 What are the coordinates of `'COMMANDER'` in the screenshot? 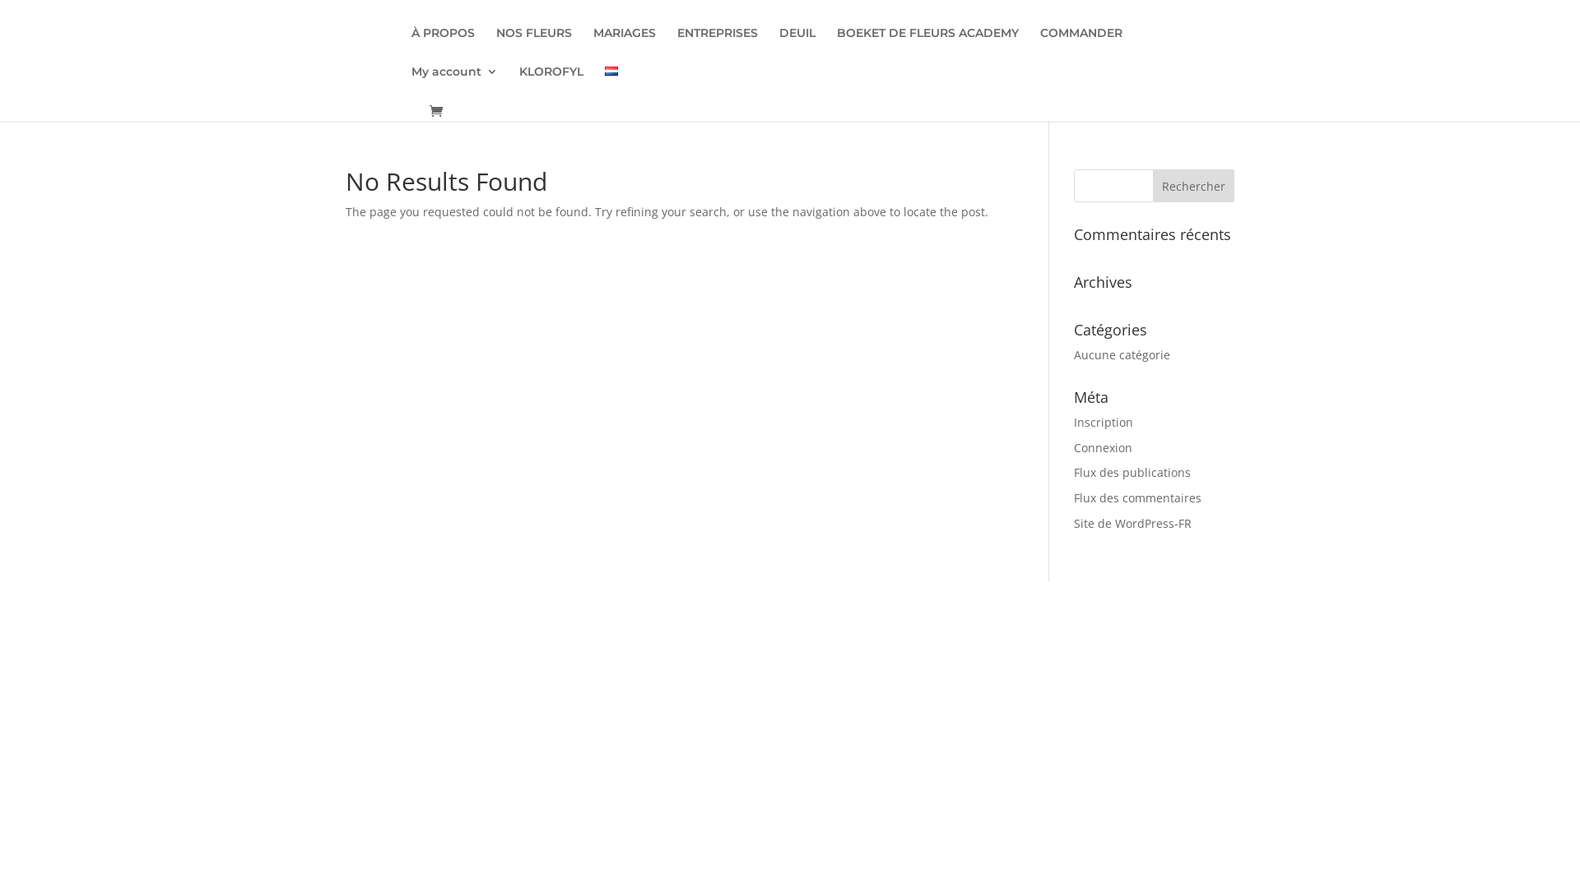 It's located at (1081, 45).